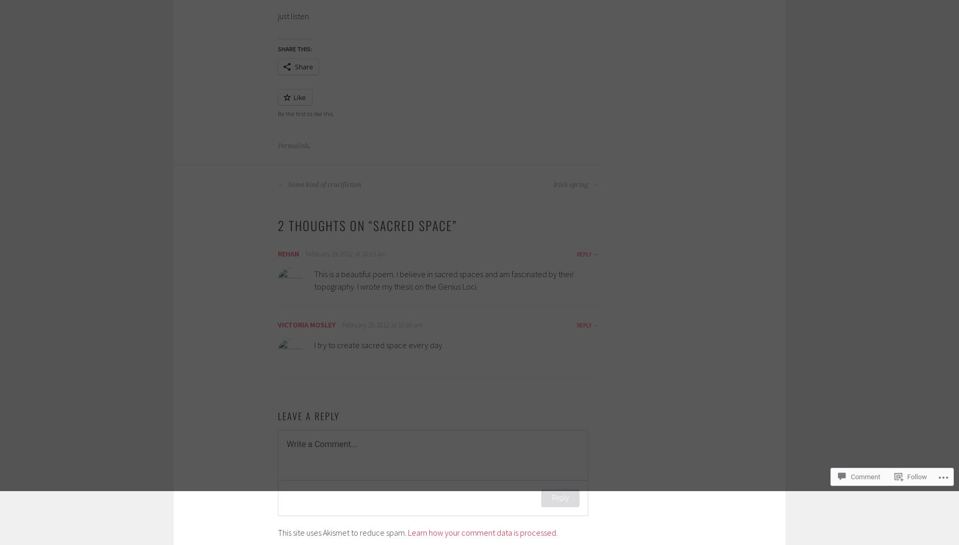 This screenshot has height=545, width=959. What do you see at coordinates (277, 225) in the screenshot?
I see `'2 thoughts on “'` at bounding box center [277, 225].